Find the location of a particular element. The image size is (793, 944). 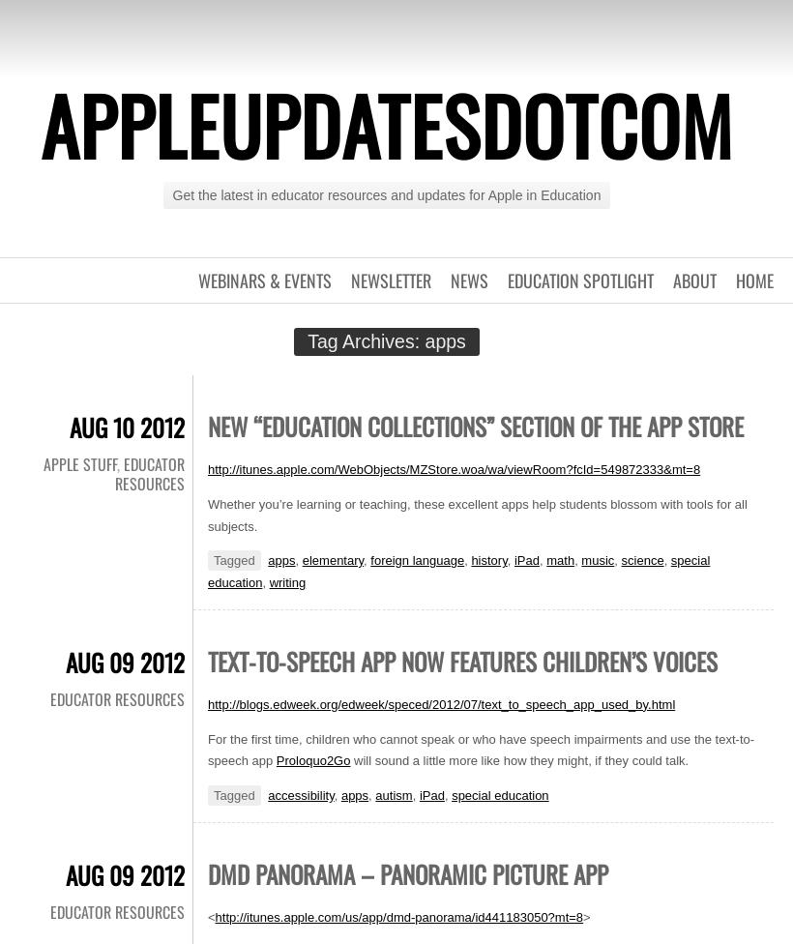

'elementary' is located at coordinates (331, 560).